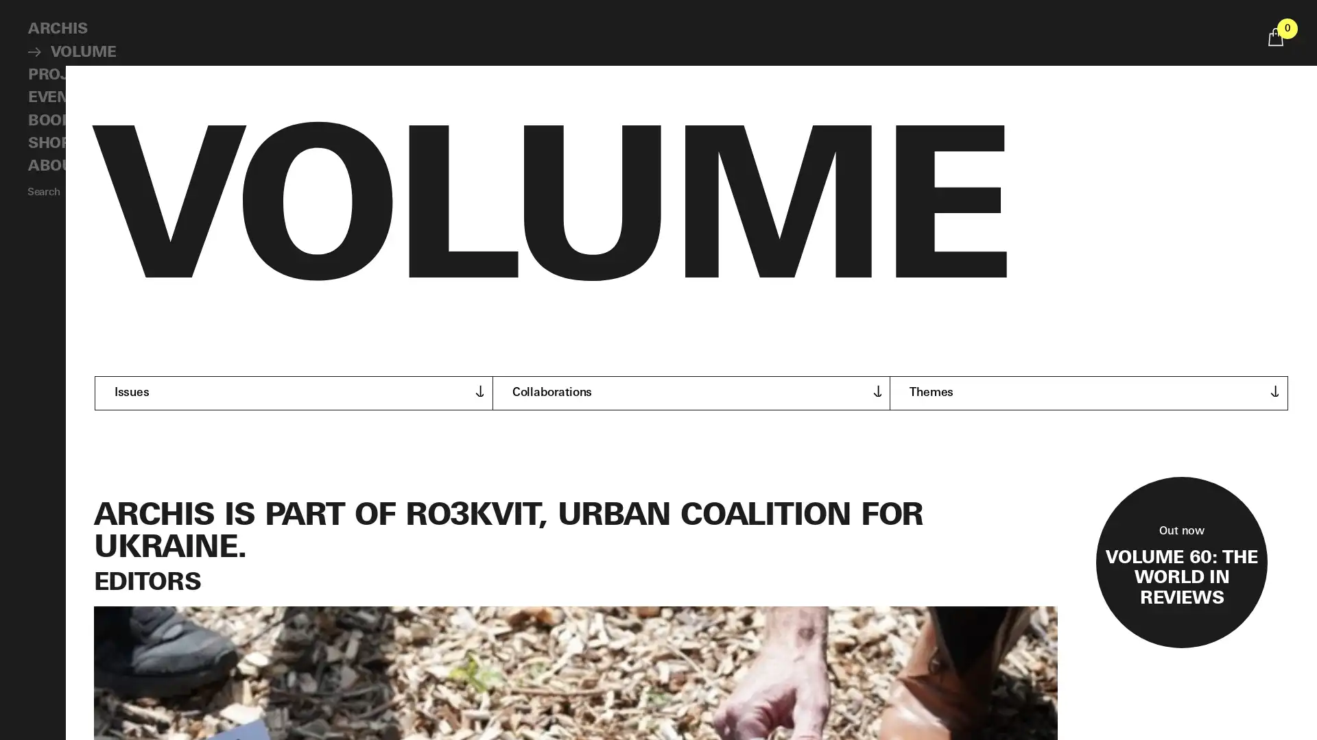 Image resolution: width=1317 pixels, height=740 pixels. I want to click on Collaborations, so click(551, 393).